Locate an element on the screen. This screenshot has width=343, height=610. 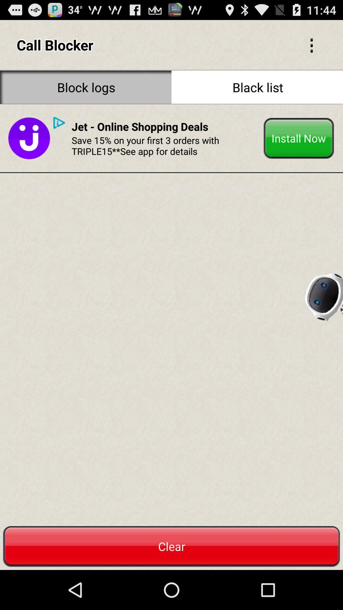
the more icon is located at coordinates (311, 48).